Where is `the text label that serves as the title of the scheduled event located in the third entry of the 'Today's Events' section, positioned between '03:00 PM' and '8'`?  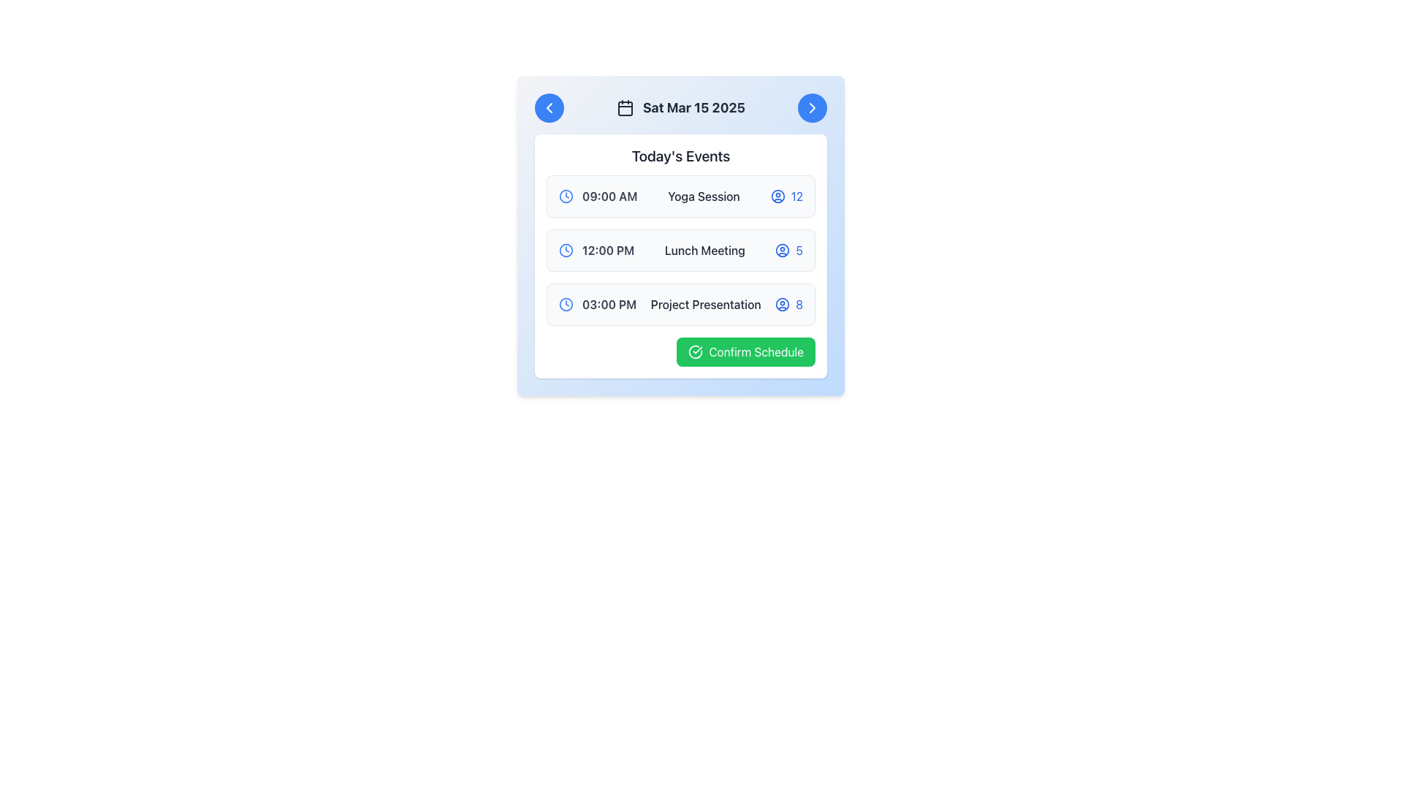
the text label that serves as the title of the scheduled event located in the third entry of the 'Today's Events' section, positioned between '03:00 PM' and '8' is located at coordinates (706, 303).